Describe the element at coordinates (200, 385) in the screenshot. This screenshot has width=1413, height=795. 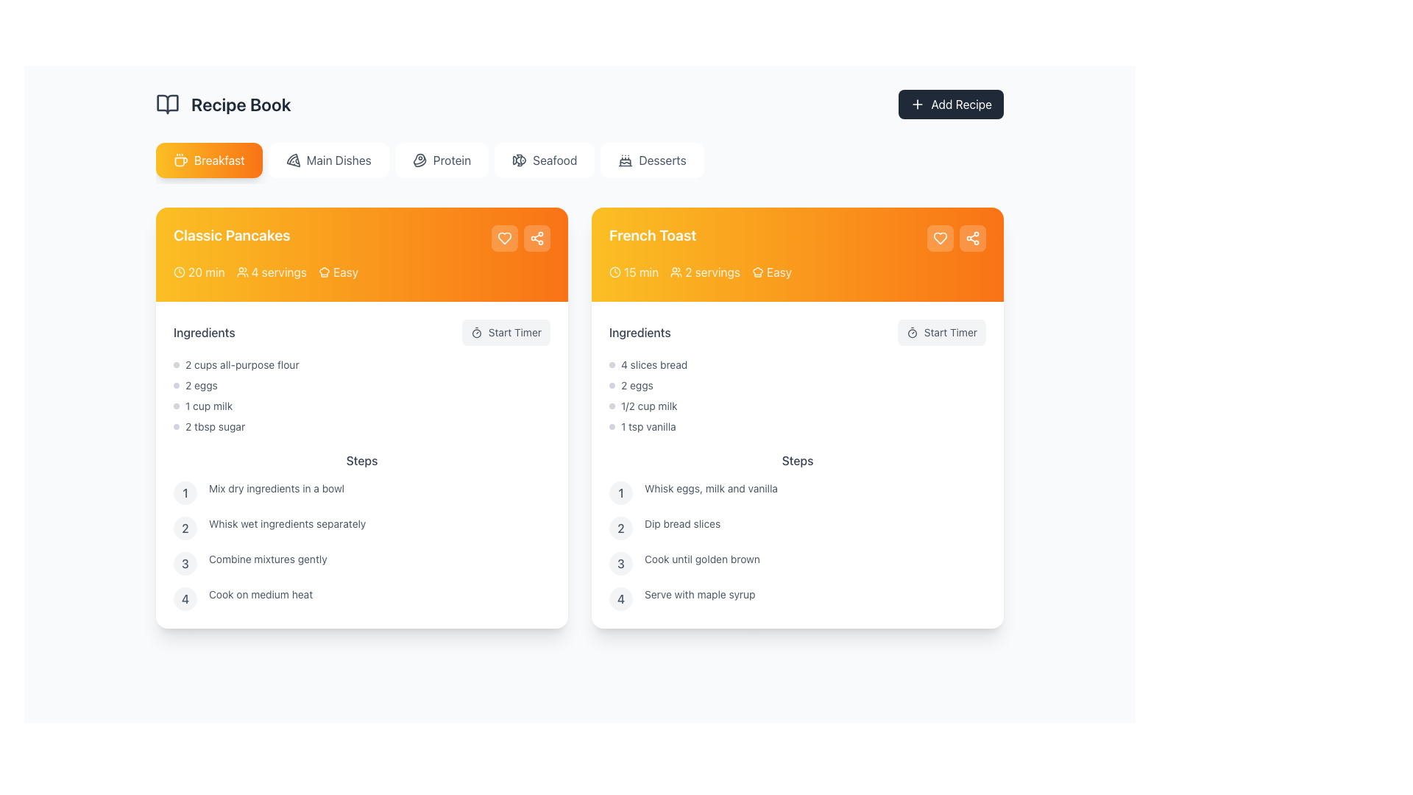
I see `the text label displaying '2 eggs' in gray text within the ingredients list of the 'Classic Pancakes' recipe card` at that location.